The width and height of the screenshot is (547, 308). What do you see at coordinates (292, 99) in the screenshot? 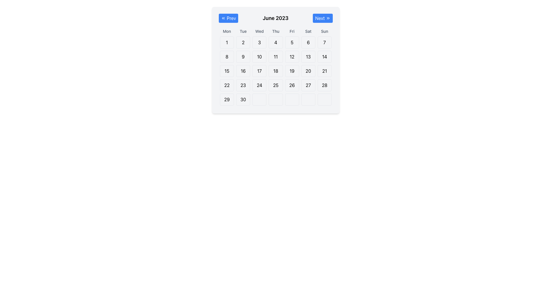
I see `the selectable date box located` at bounding box center [292, 99].